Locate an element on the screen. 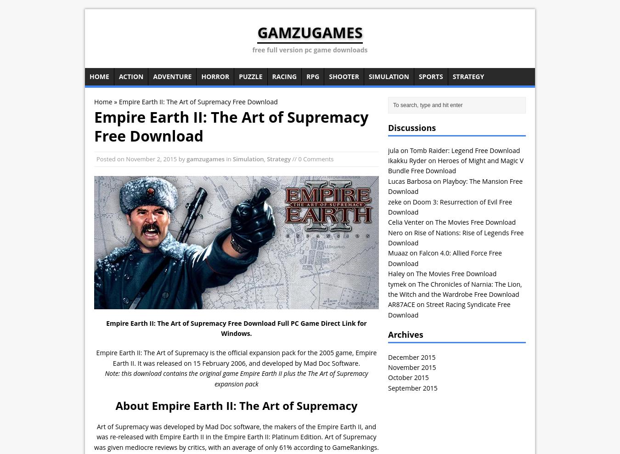 The image size is (620, 454). 'September 2015' is located at coordinates (412, 387).